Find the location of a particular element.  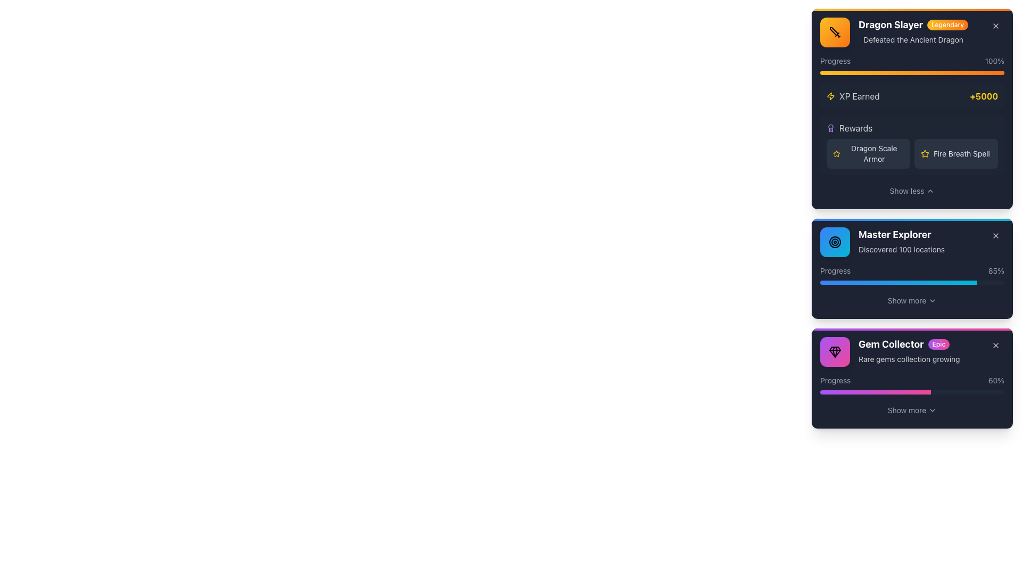

the 'Progress' text label, which is styled in a small, gray font and positioned to the left of the percentage indicator '100%' within a card-like section is located at coordinates (835, 61).